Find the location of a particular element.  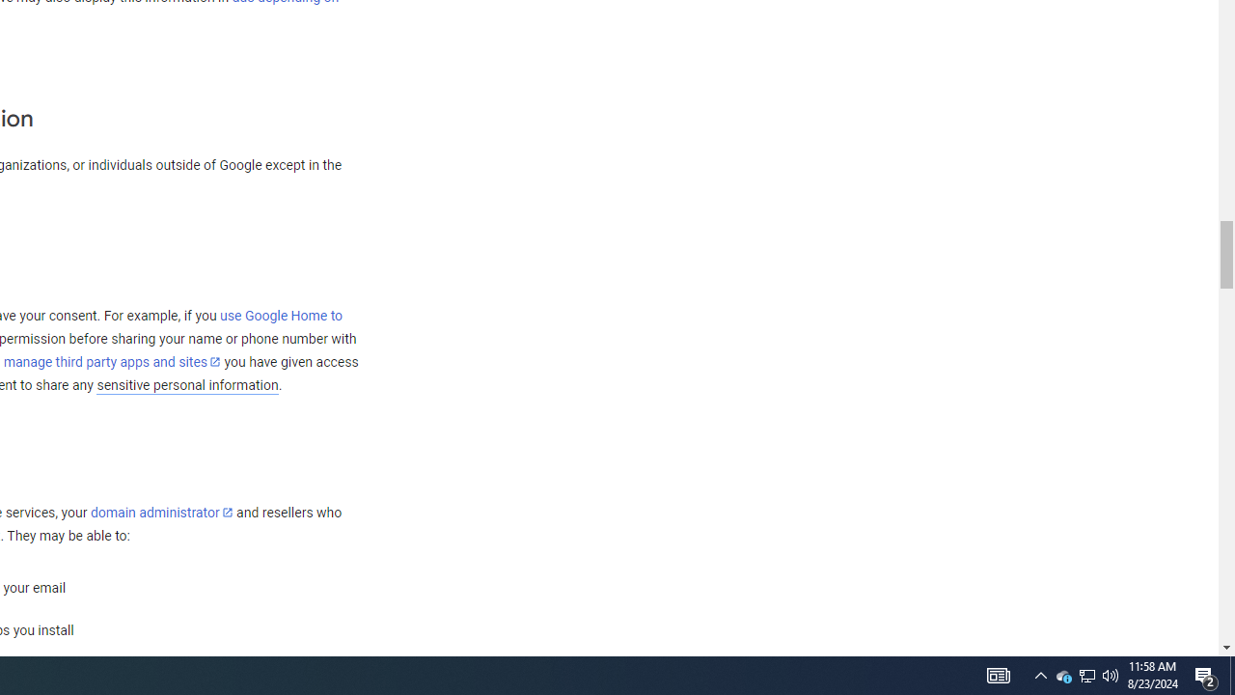

'domain administrator' is located at coordinates (161, 512).